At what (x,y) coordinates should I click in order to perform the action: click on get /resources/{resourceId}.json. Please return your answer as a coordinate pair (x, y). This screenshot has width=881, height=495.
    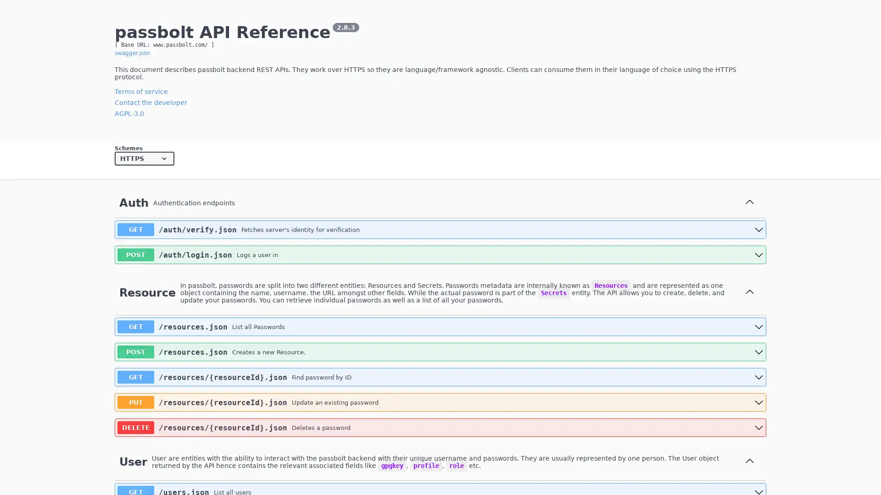
    Looking at the image, I should click on (440, 377).